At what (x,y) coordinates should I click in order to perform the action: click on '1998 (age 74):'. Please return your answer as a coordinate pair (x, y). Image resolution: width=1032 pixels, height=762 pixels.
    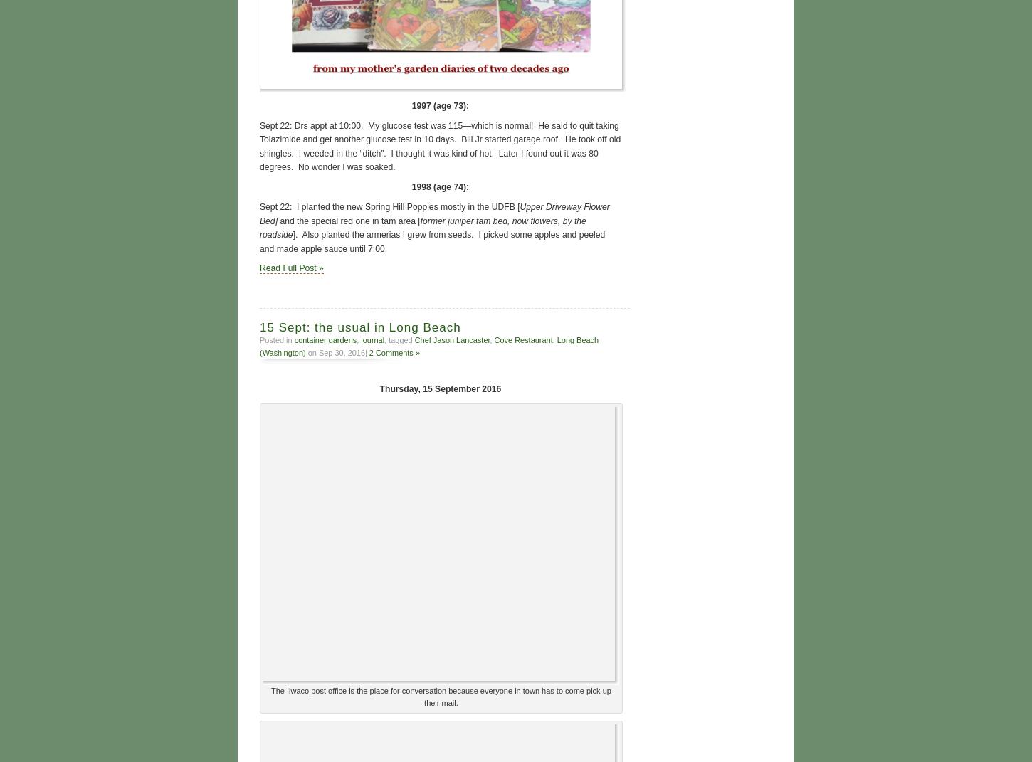
    Looking at the image, I should click on (439, 186).